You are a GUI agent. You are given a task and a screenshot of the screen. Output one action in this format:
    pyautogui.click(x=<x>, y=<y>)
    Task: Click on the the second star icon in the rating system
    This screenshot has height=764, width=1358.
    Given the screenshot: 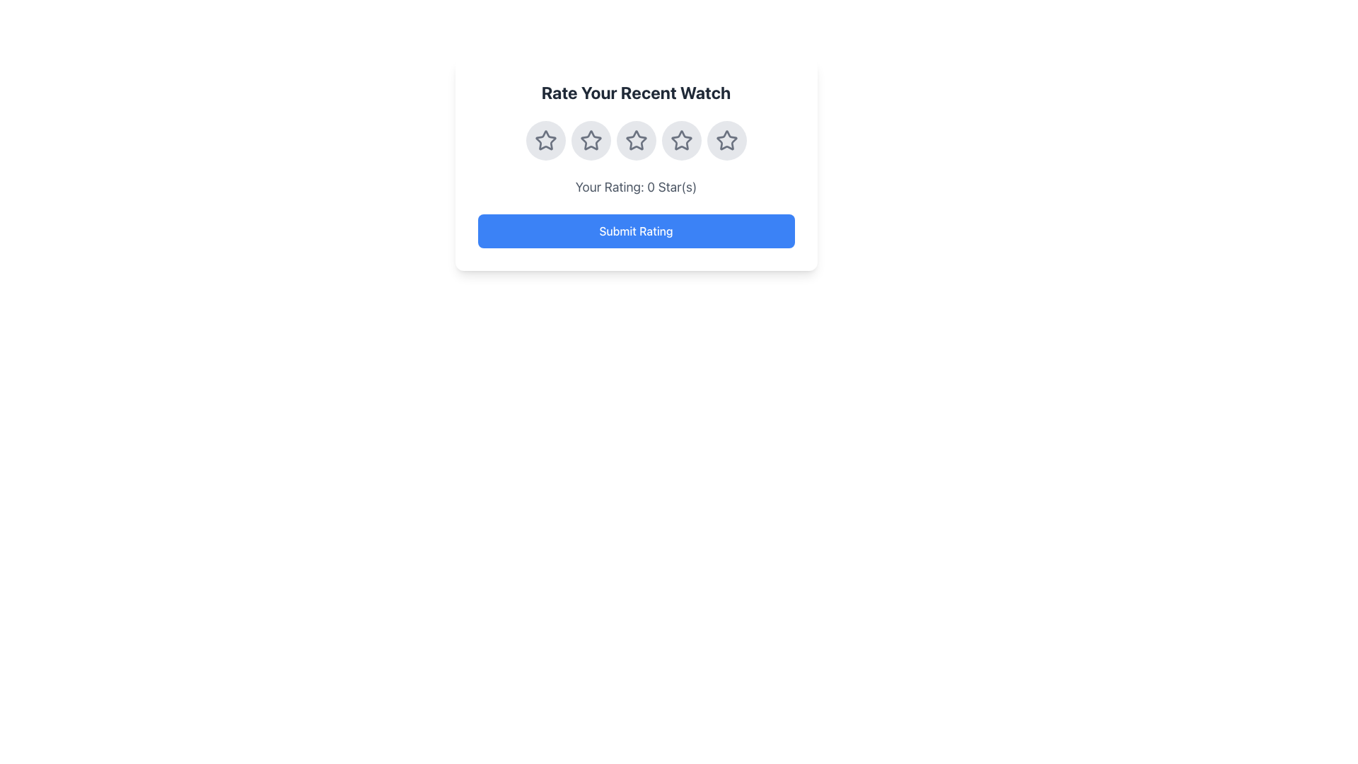 What is the action you would take?
    pyautogui.click(x=591, y=141)
    